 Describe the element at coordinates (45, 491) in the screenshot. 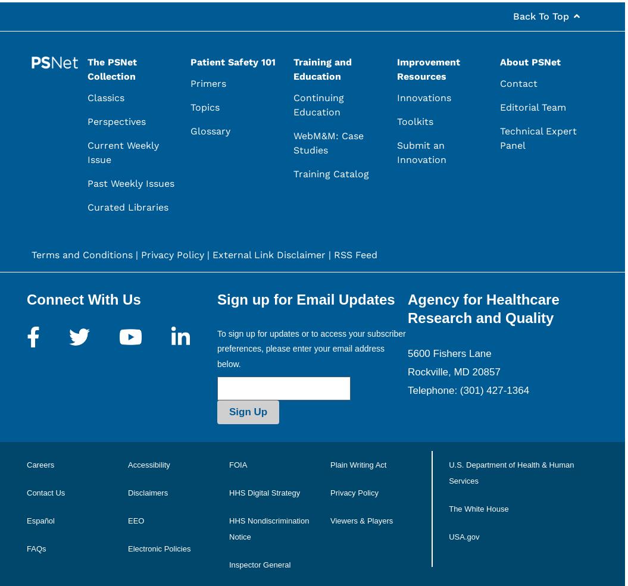

I see `'Contact Us'` at that location.